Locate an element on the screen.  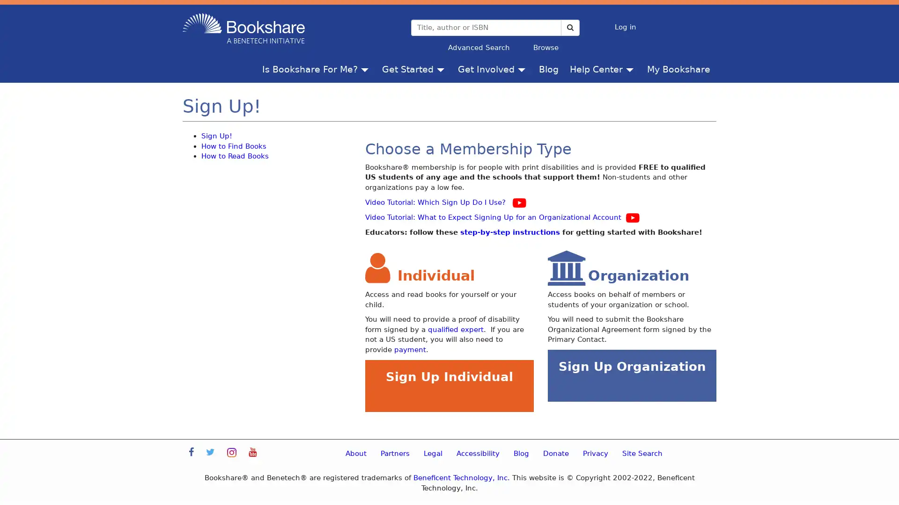
Get Involved menu is located at coordinates (523, 68).